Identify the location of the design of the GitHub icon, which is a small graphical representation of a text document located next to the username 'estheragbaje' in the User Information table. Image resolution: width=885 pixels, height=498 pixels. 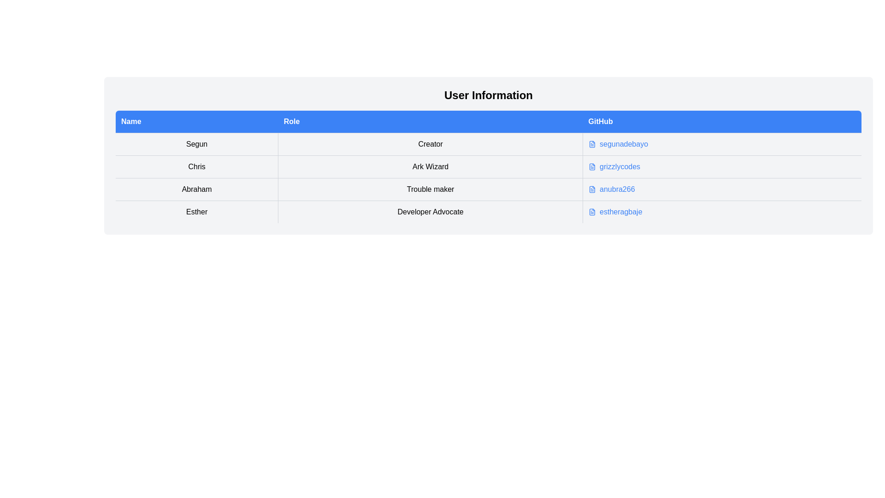
(592, 212).